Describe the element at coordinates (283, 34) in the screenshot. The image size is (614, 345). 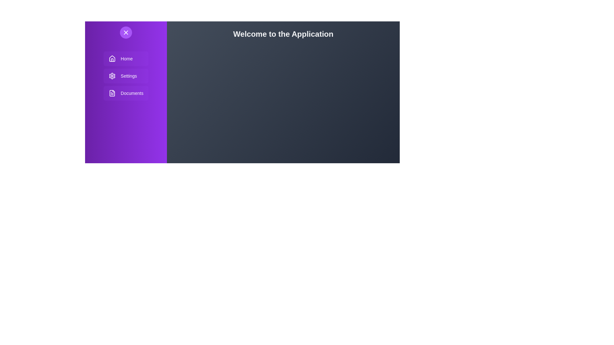
I see `the text 'Welcome to the Application' in the main area` at that location.